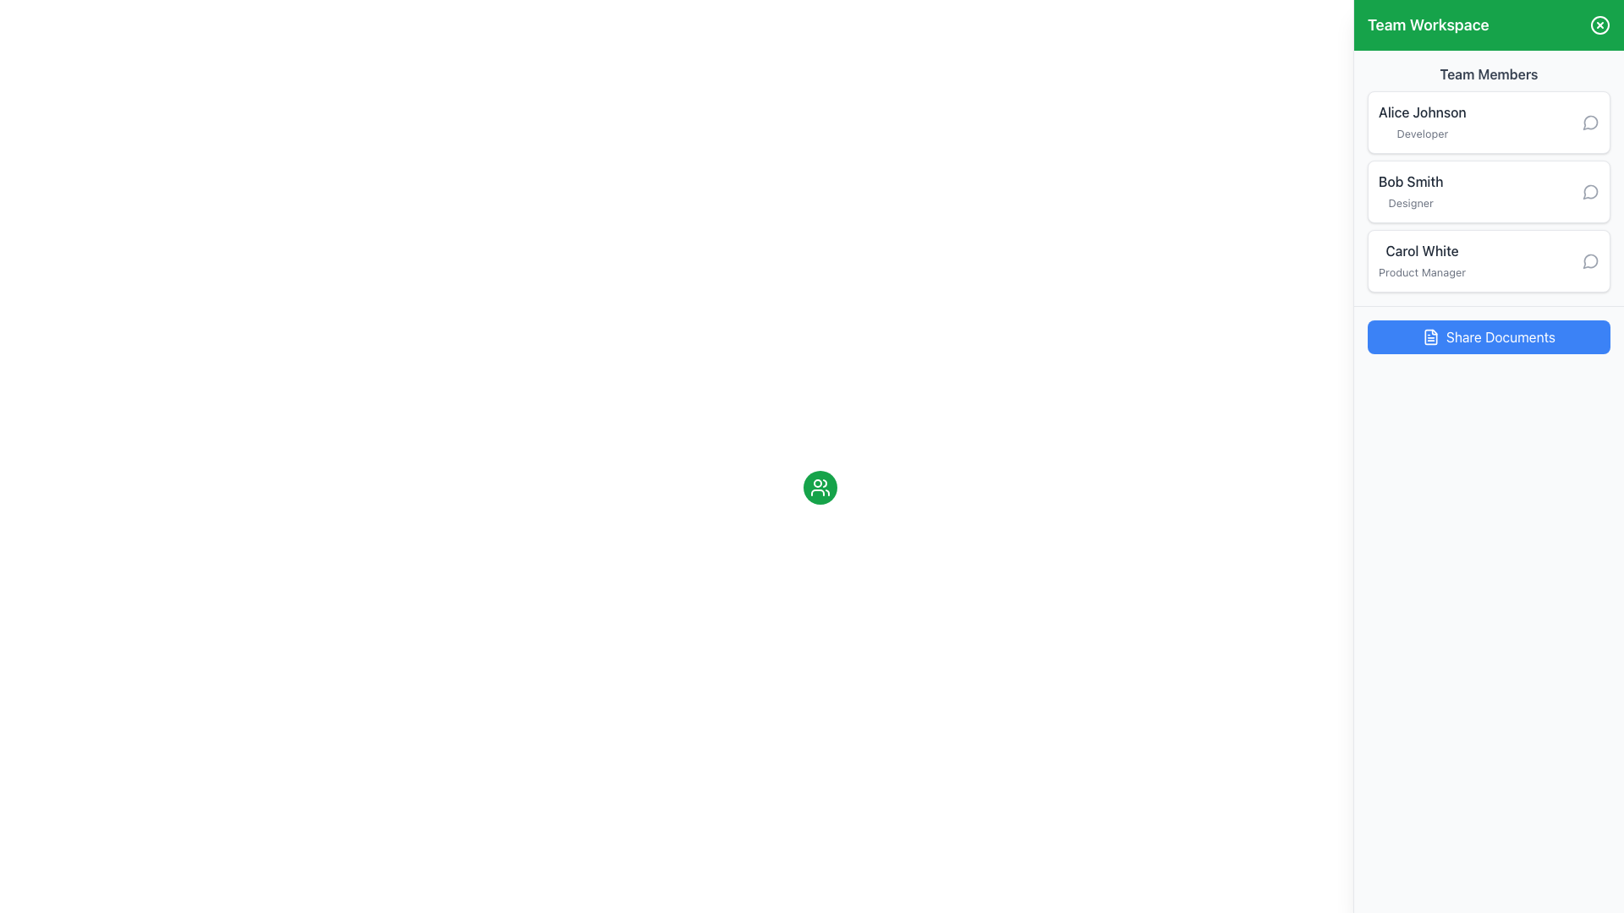 The height and width of the screenshot is (913, 1624). What do you see at coordinates (820, 488) in the screenshot?
I see `the rounded green button with a white group icon` at bounding box center [820, 488].